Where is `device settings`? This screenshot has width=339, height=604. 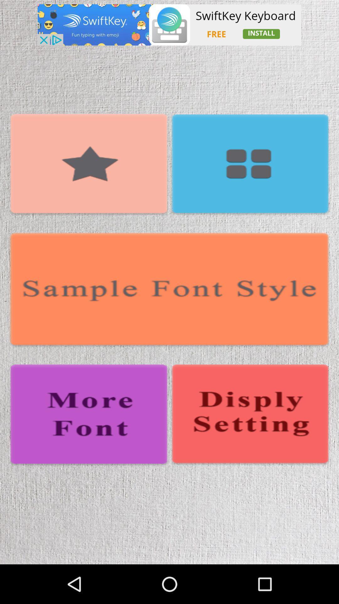
device settings is located at coordinates (250, 415).